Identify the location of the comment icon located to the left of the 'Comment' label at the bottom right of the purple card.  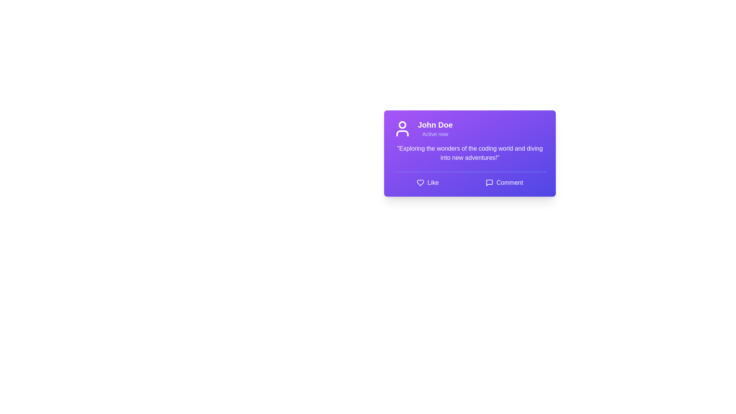
(489, 183).